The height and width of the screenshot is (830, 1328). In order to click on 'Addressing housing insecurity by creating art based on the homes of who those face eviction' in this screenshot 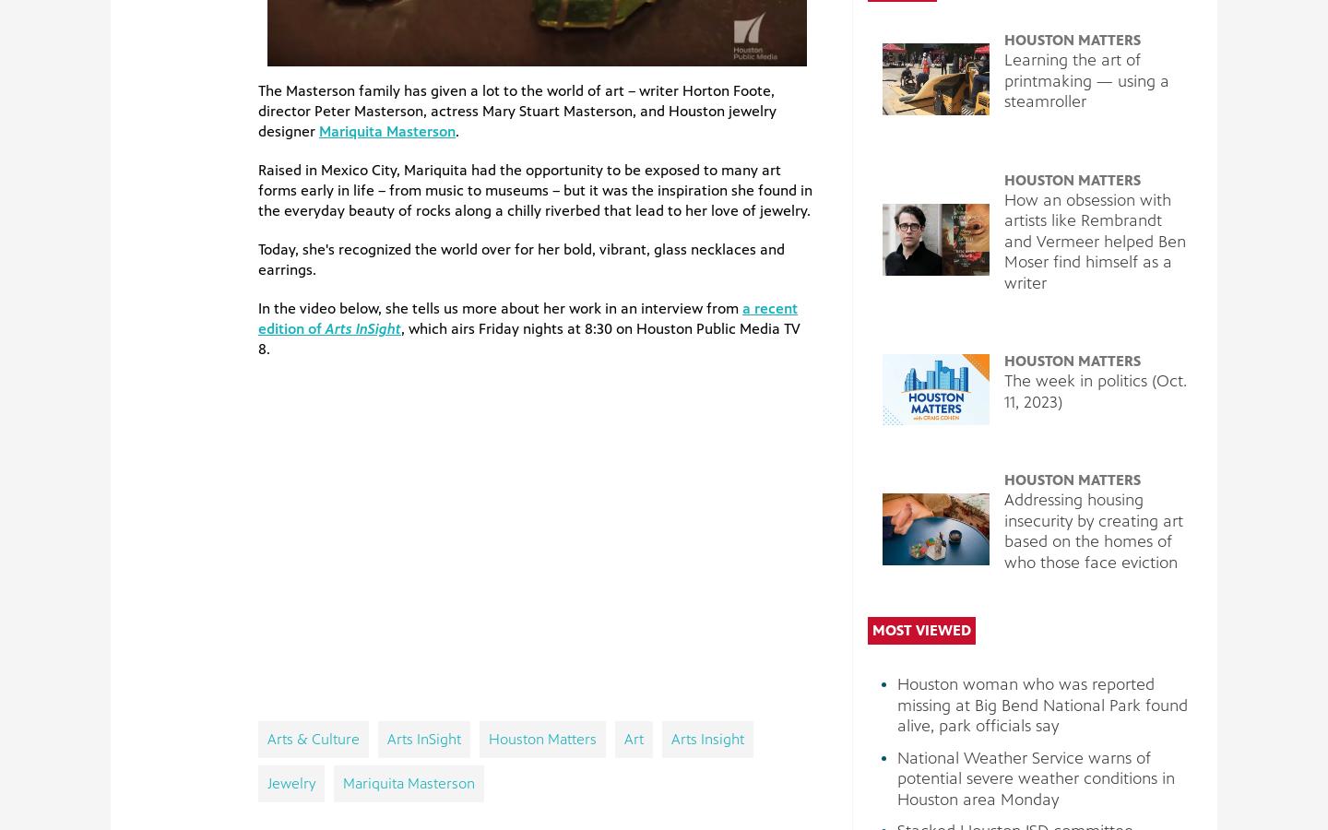, I will do `click(1002, 530)`.